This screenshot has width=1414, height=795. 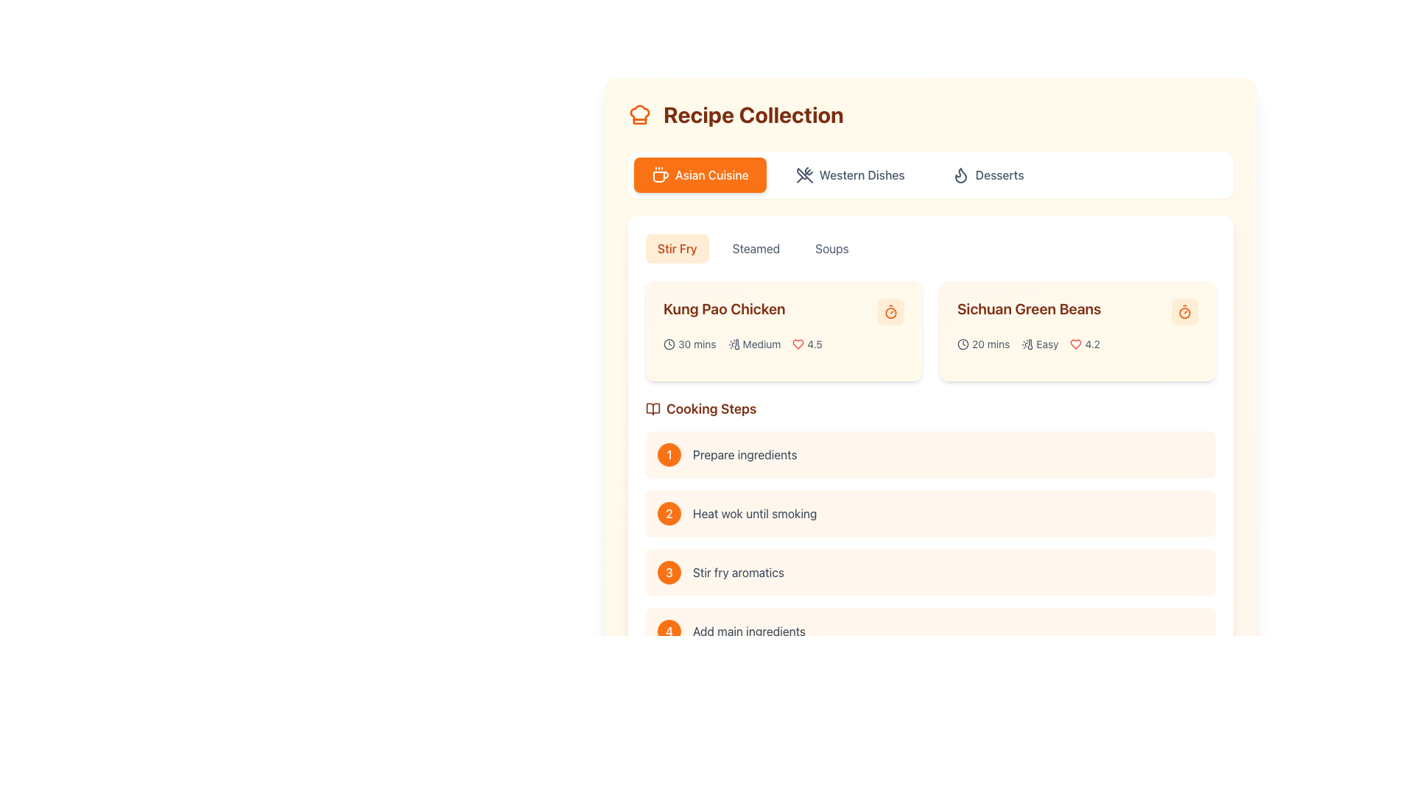 What do you see at coordinates (1027, 344) in the screenshot?
I see `the difficulty level icon located next to the 'Easy' label in the 'Sichuan Green Beans' component` at bounding box center [1027, 344].